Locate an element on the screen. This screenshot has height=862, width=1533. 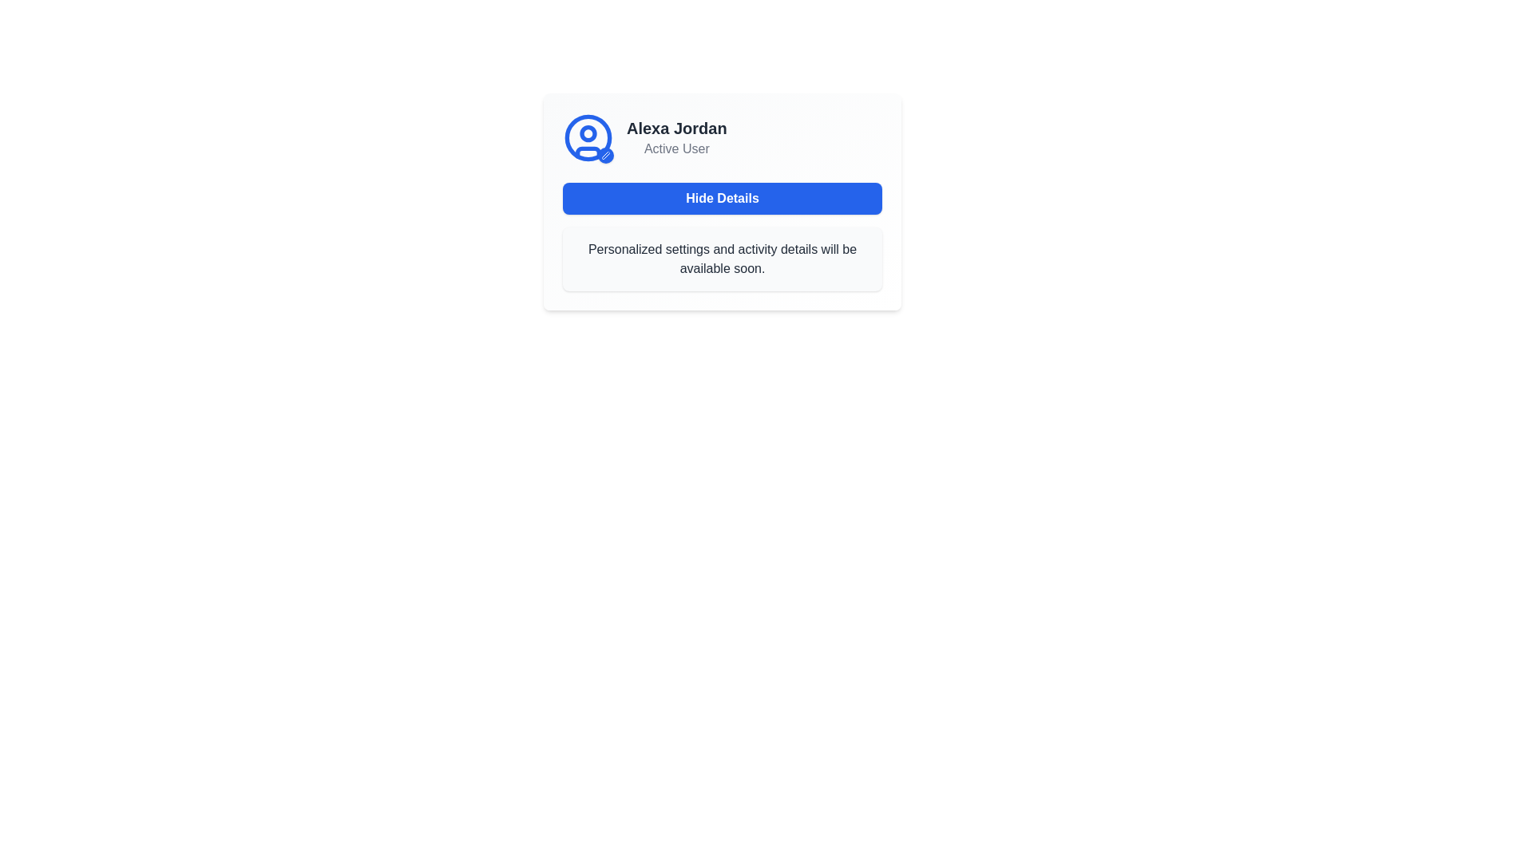
circular blue-bordered icon within the user avatar graphic, which is the outermost circle in the SVG hierarchy, for development purposes is located at coordinates (588, 137).